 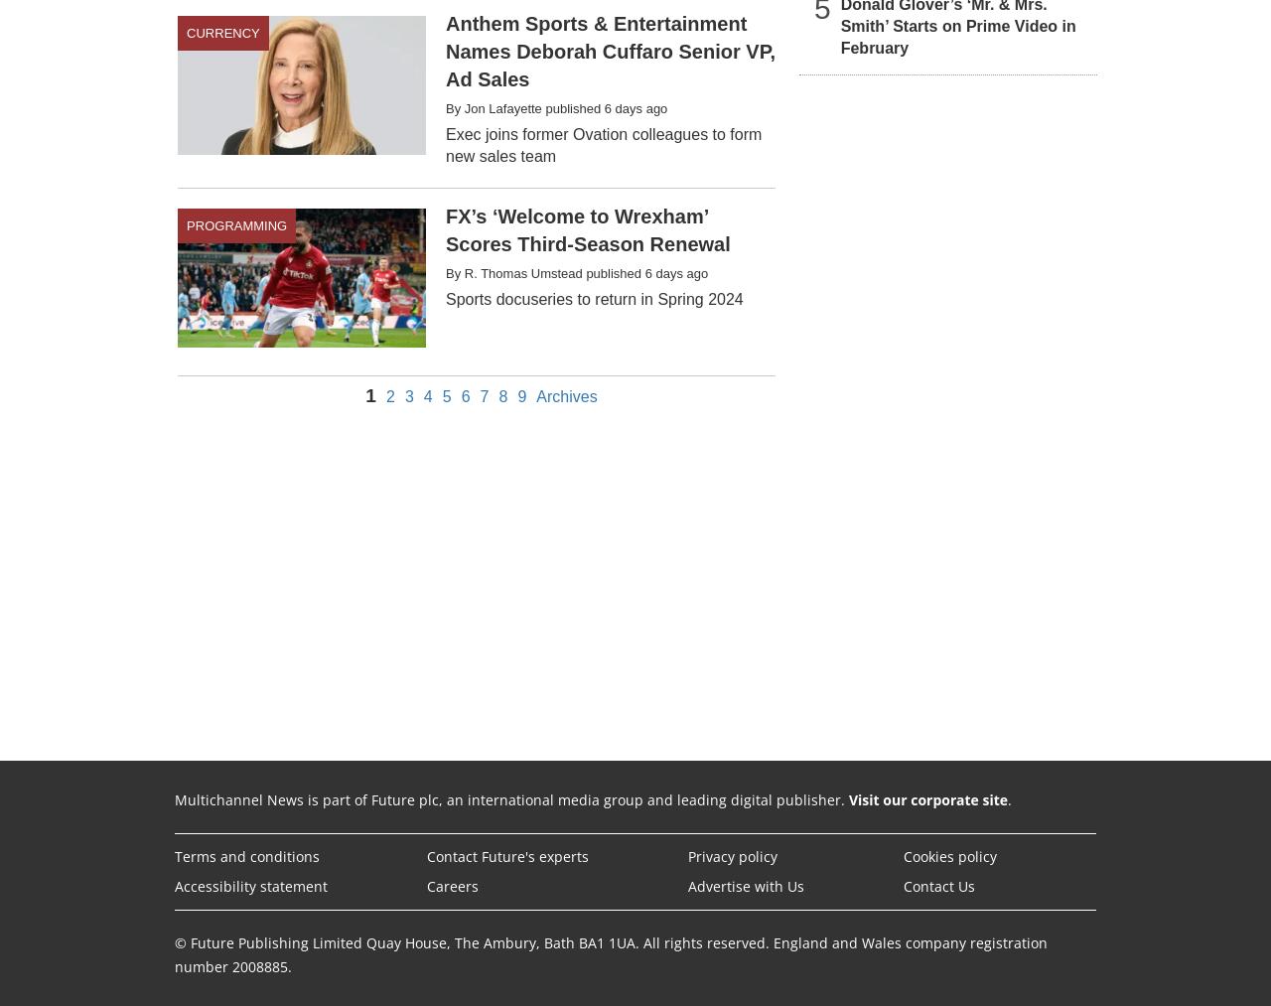 I want to click on '©
Future Publishing Limited Quay House, The Ambury,
Bath
BA1 1UA. All rights reserved. England and Wales company registration number 2008885.', so click(x=610, y=953).